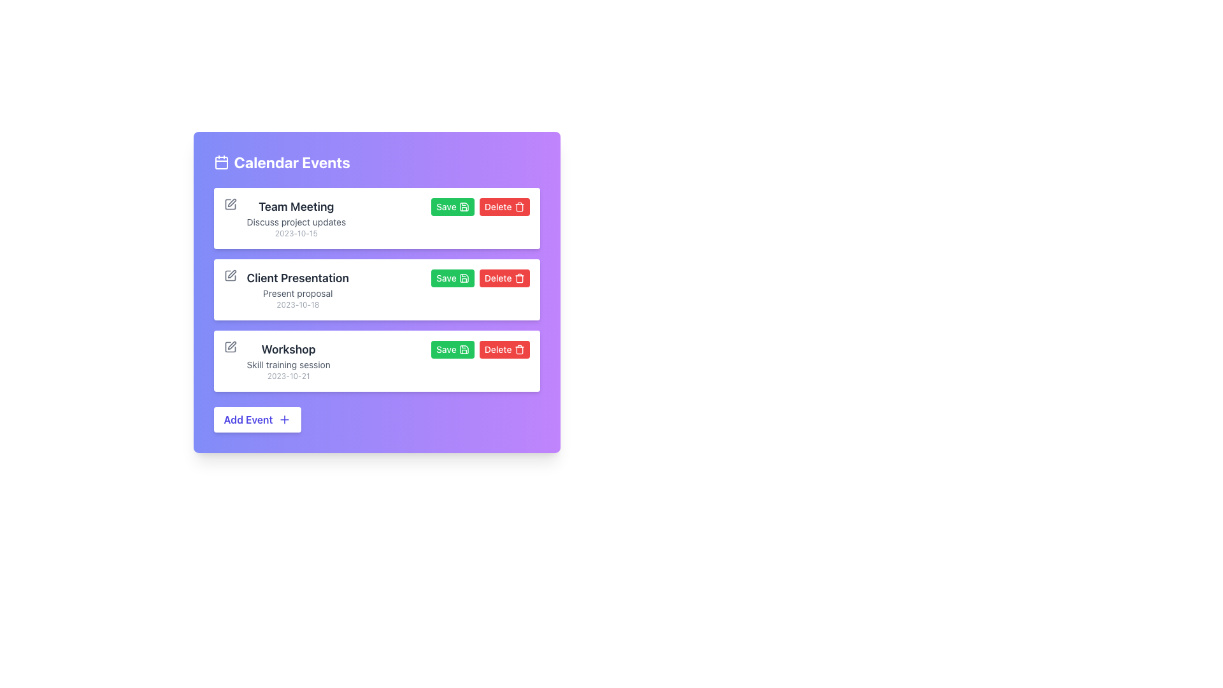  What do you see at coordinates (288, 365) in the screenshot?
I see `the static text element located beneath the heading 'Workshop' and above the date '2023-10-21' in the third event card` at bounding box center [288, 365].